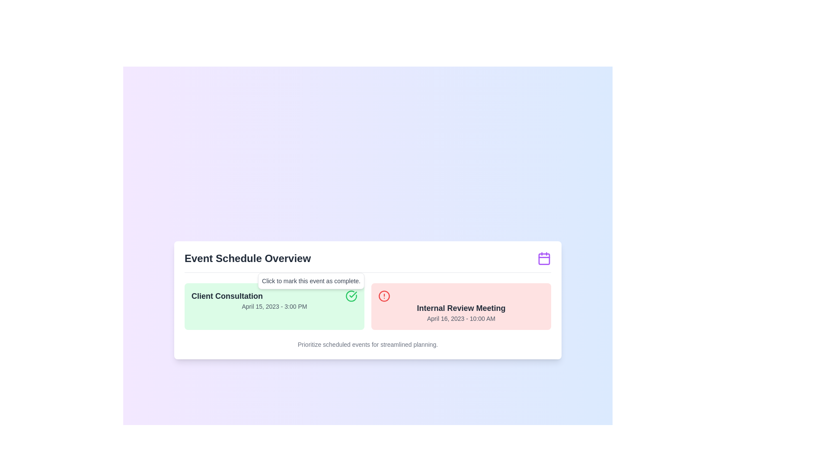 The height and width of the screenshot is (467, 830). I want to click on the event overview component, so click(367, 300).